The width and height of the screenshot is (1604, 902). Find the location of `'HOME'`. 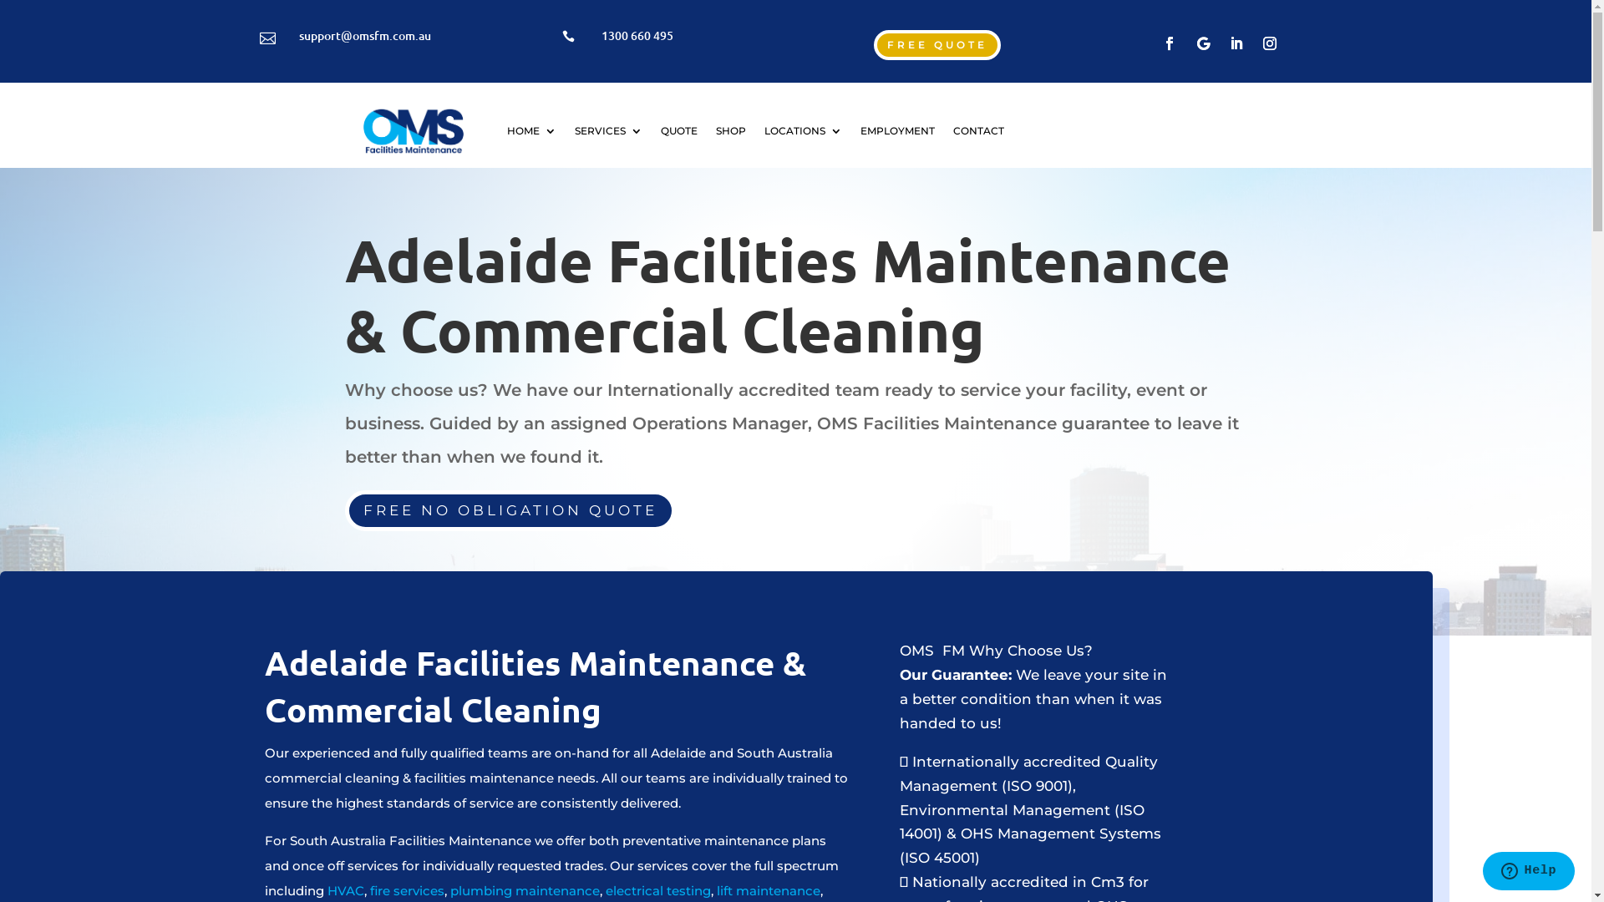

'HOME' is located at coordinates (530, 130).